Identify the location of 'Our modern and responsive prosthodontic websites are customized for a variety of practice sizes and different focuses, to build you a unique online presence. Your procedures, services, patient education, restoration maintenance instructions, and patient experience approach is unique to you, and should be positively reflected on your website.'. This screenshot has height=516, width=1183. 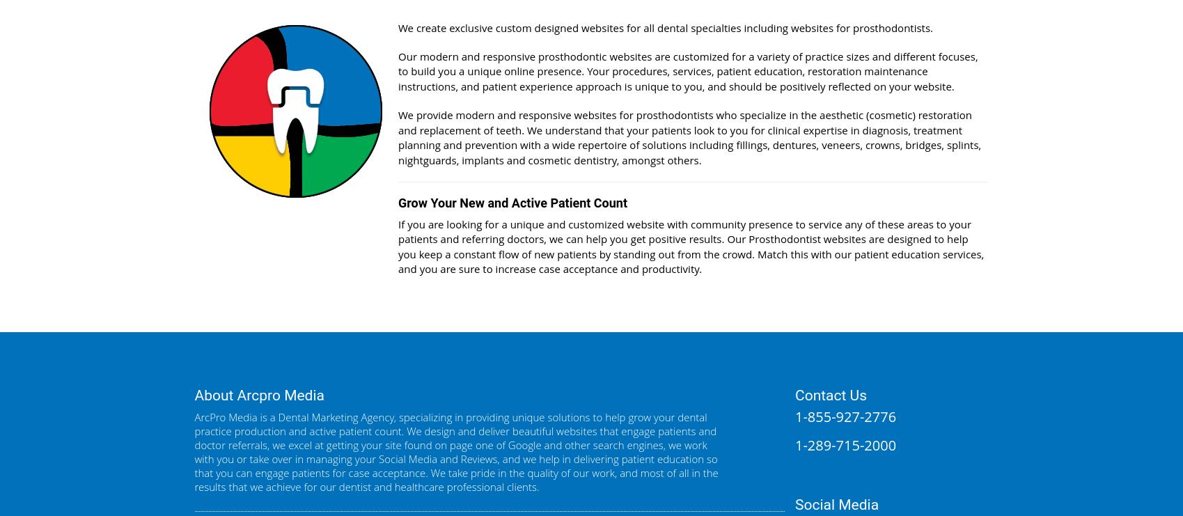
(687, 71).